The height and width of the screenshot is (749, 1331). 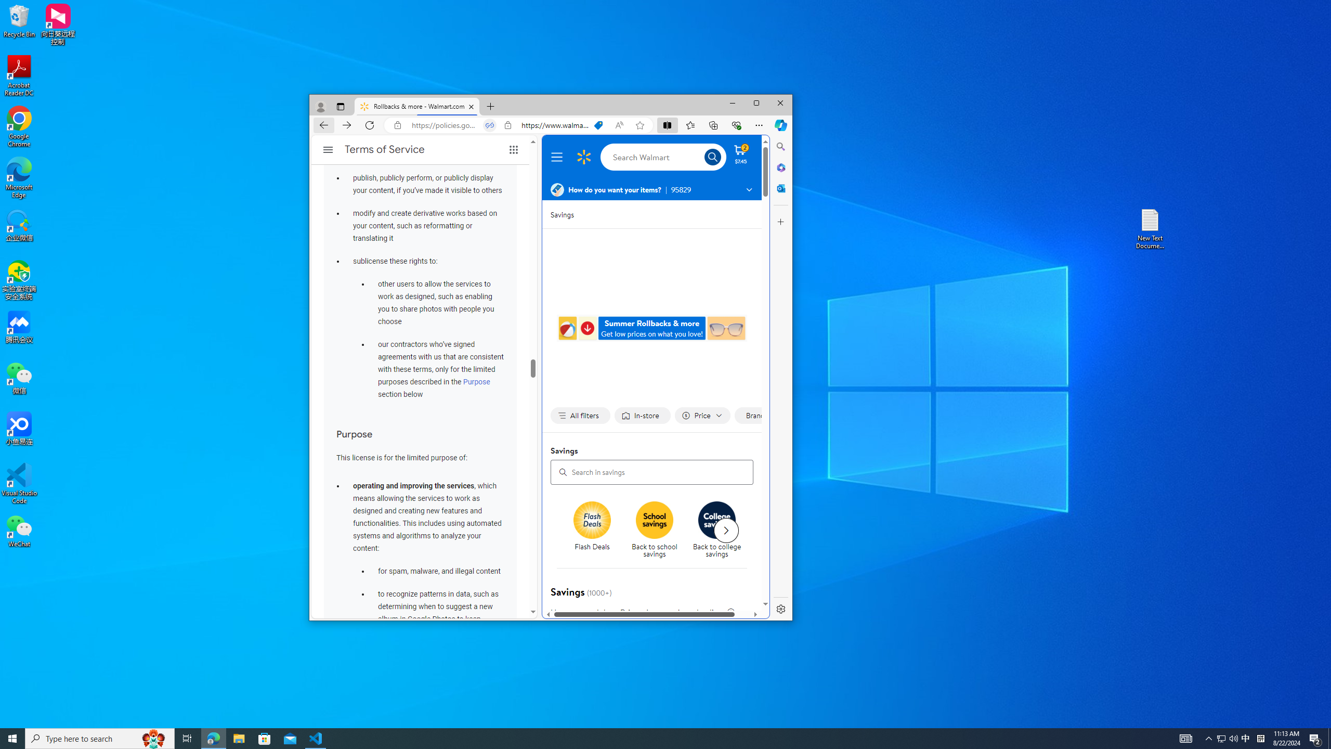 What do you see at coordinates (316, 738) in the screenshot?
I see `'Visual Studio Code - 1 running window'` at bounding box center [316, 738].